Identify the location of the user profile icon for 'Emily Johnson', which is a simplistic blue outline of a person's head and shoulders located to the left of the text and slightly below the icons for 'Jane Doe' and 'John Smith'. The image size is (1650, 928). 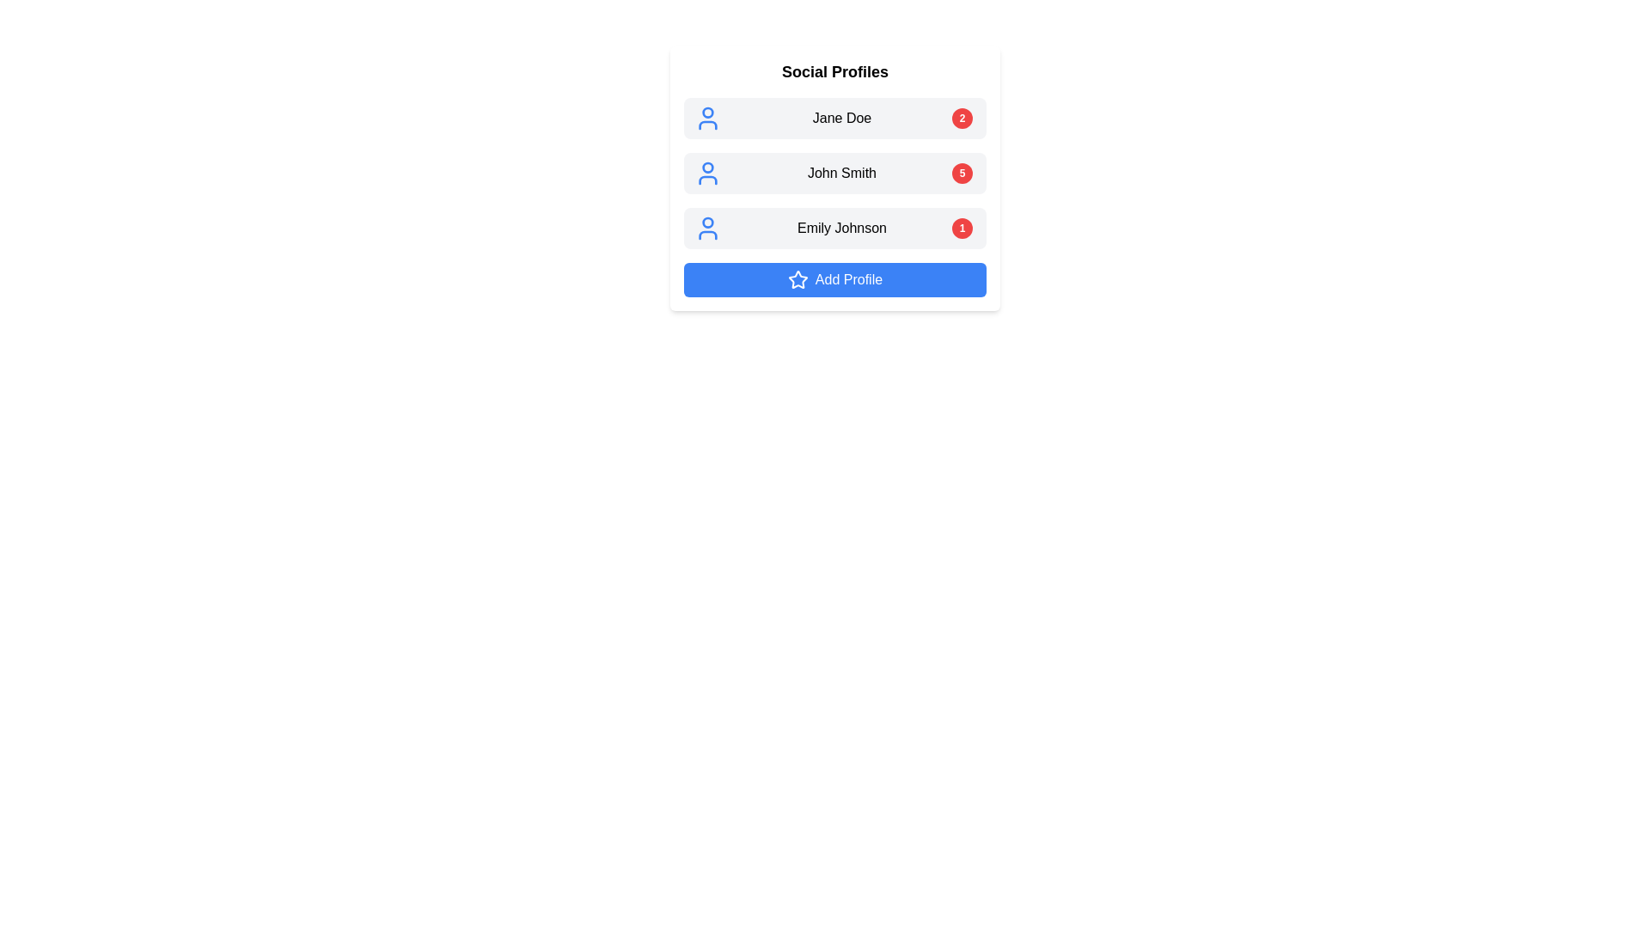
(708, 228).